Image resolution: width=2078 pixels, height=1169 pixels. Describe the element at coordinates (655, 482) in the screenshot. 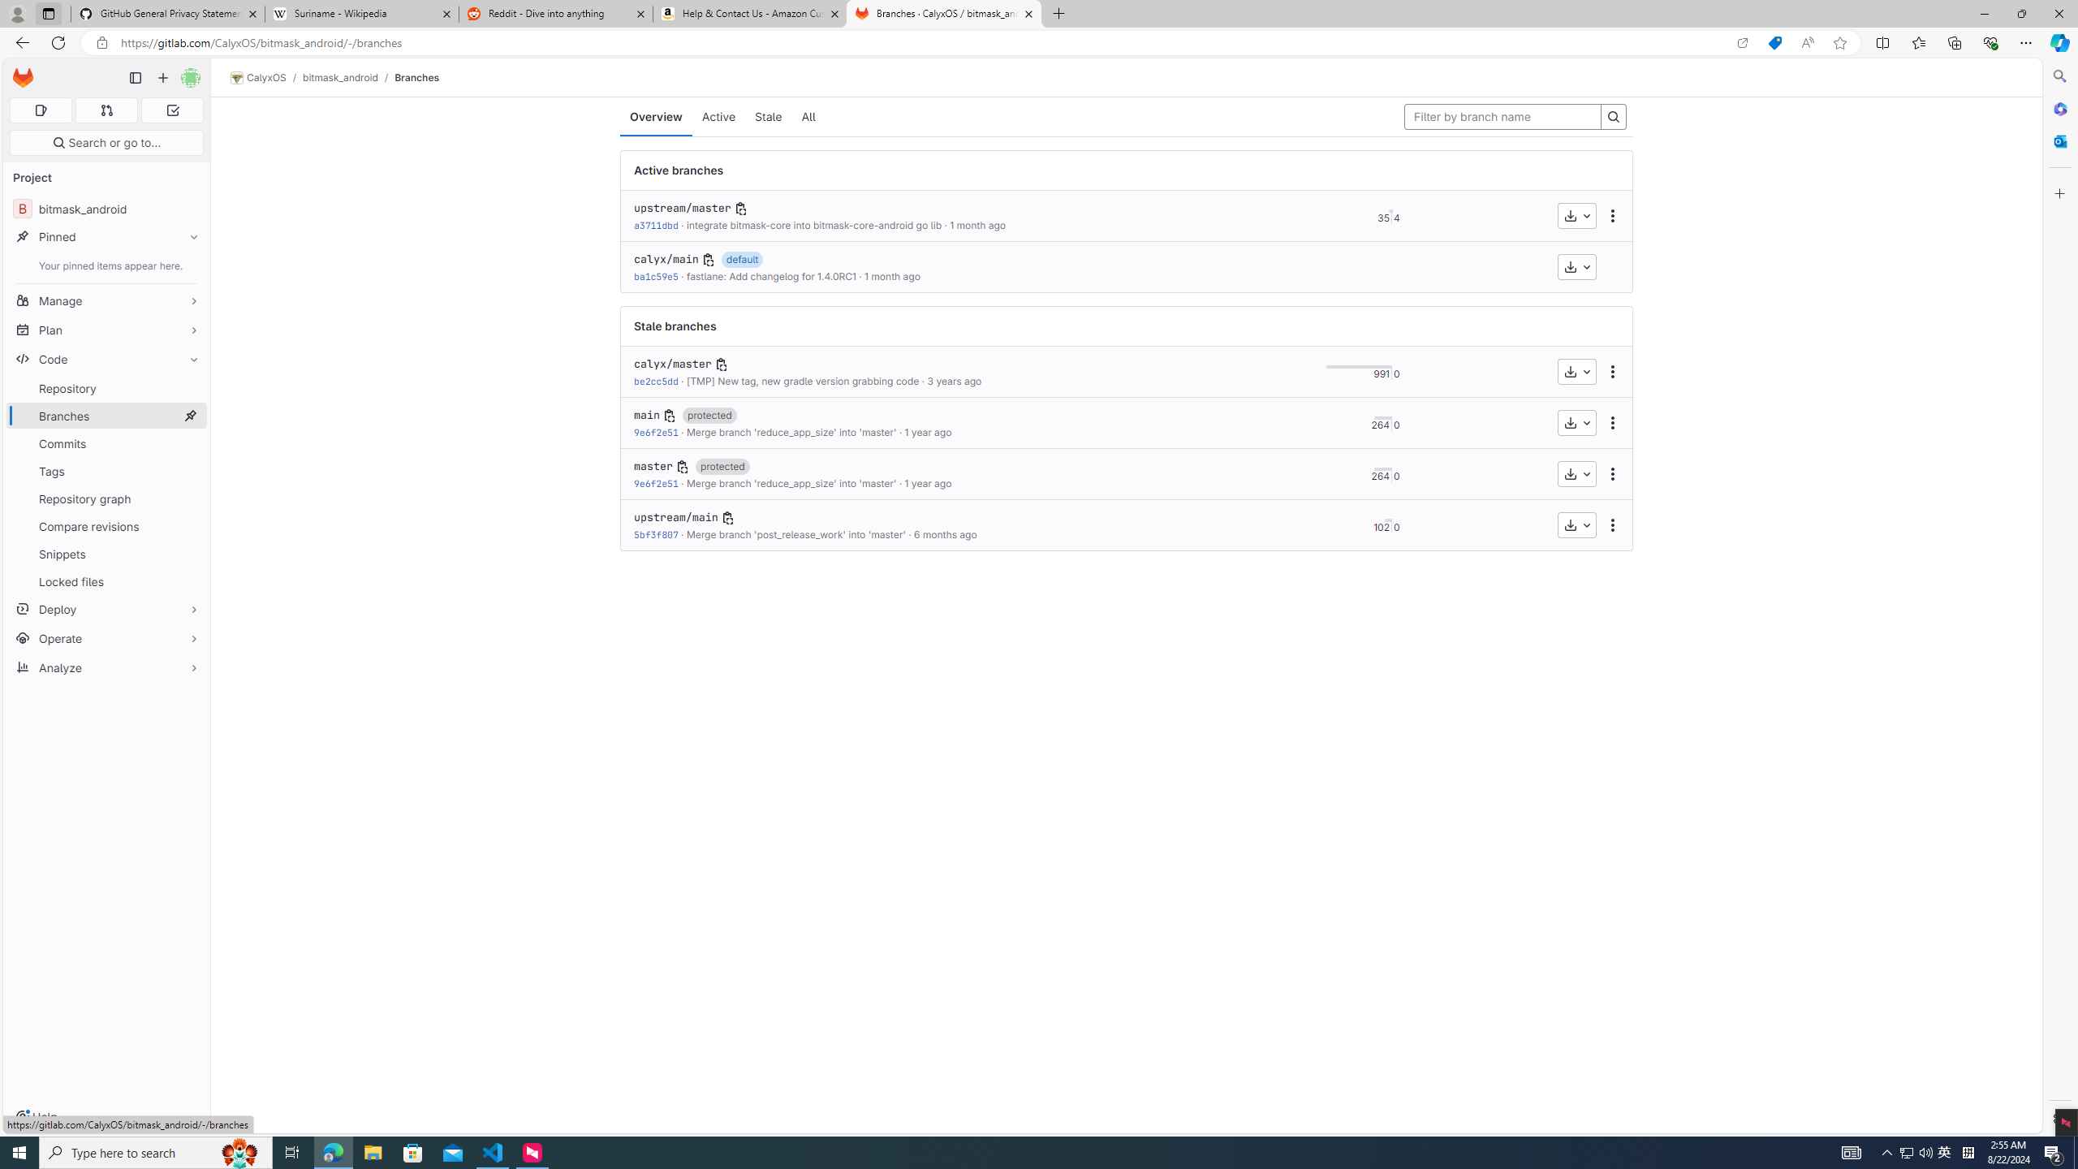

I see `'9e6f2e51'` at that location.